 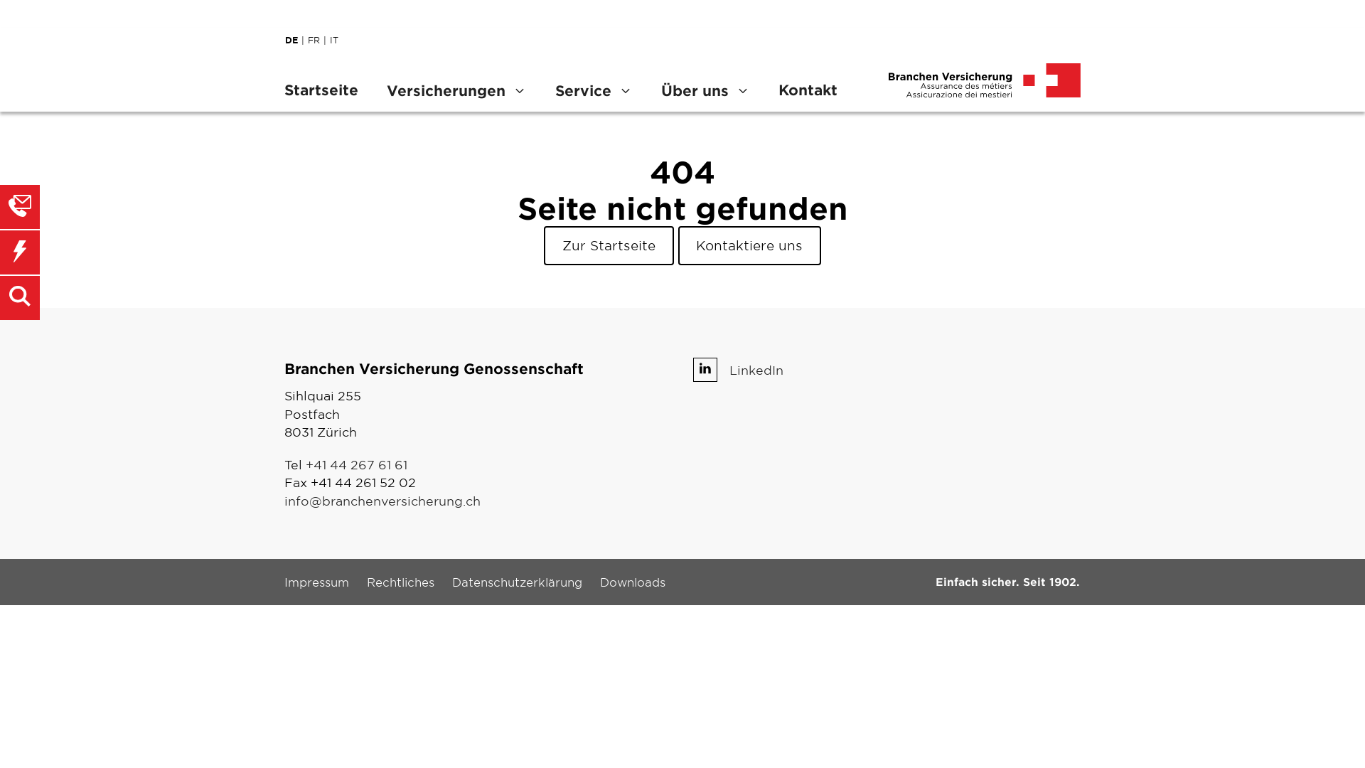 What do you see at coordinates (284, 90) in the screenshot?
I see `'Startseite'` at bounding box center [284, 90].